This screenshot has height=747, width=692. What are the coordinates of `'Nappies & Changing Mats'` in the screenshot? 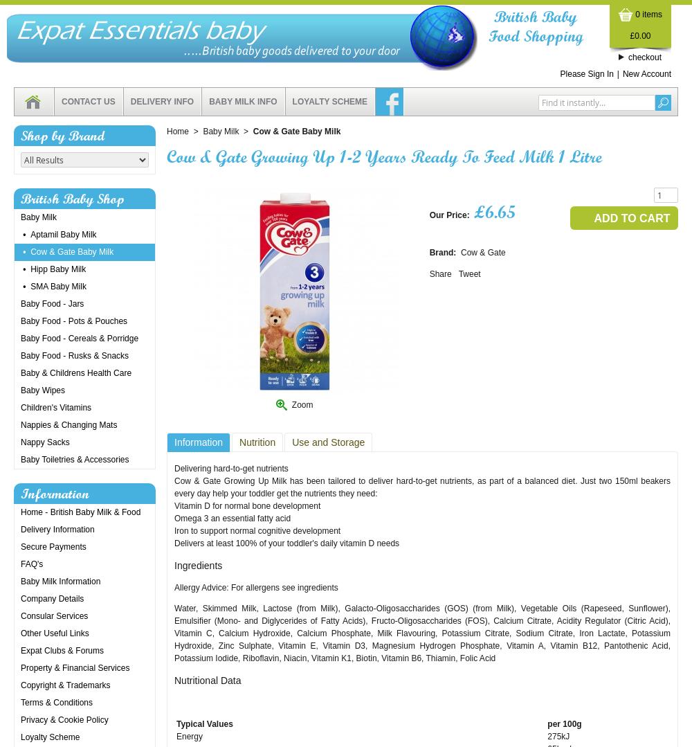 It's located at (21, 424).